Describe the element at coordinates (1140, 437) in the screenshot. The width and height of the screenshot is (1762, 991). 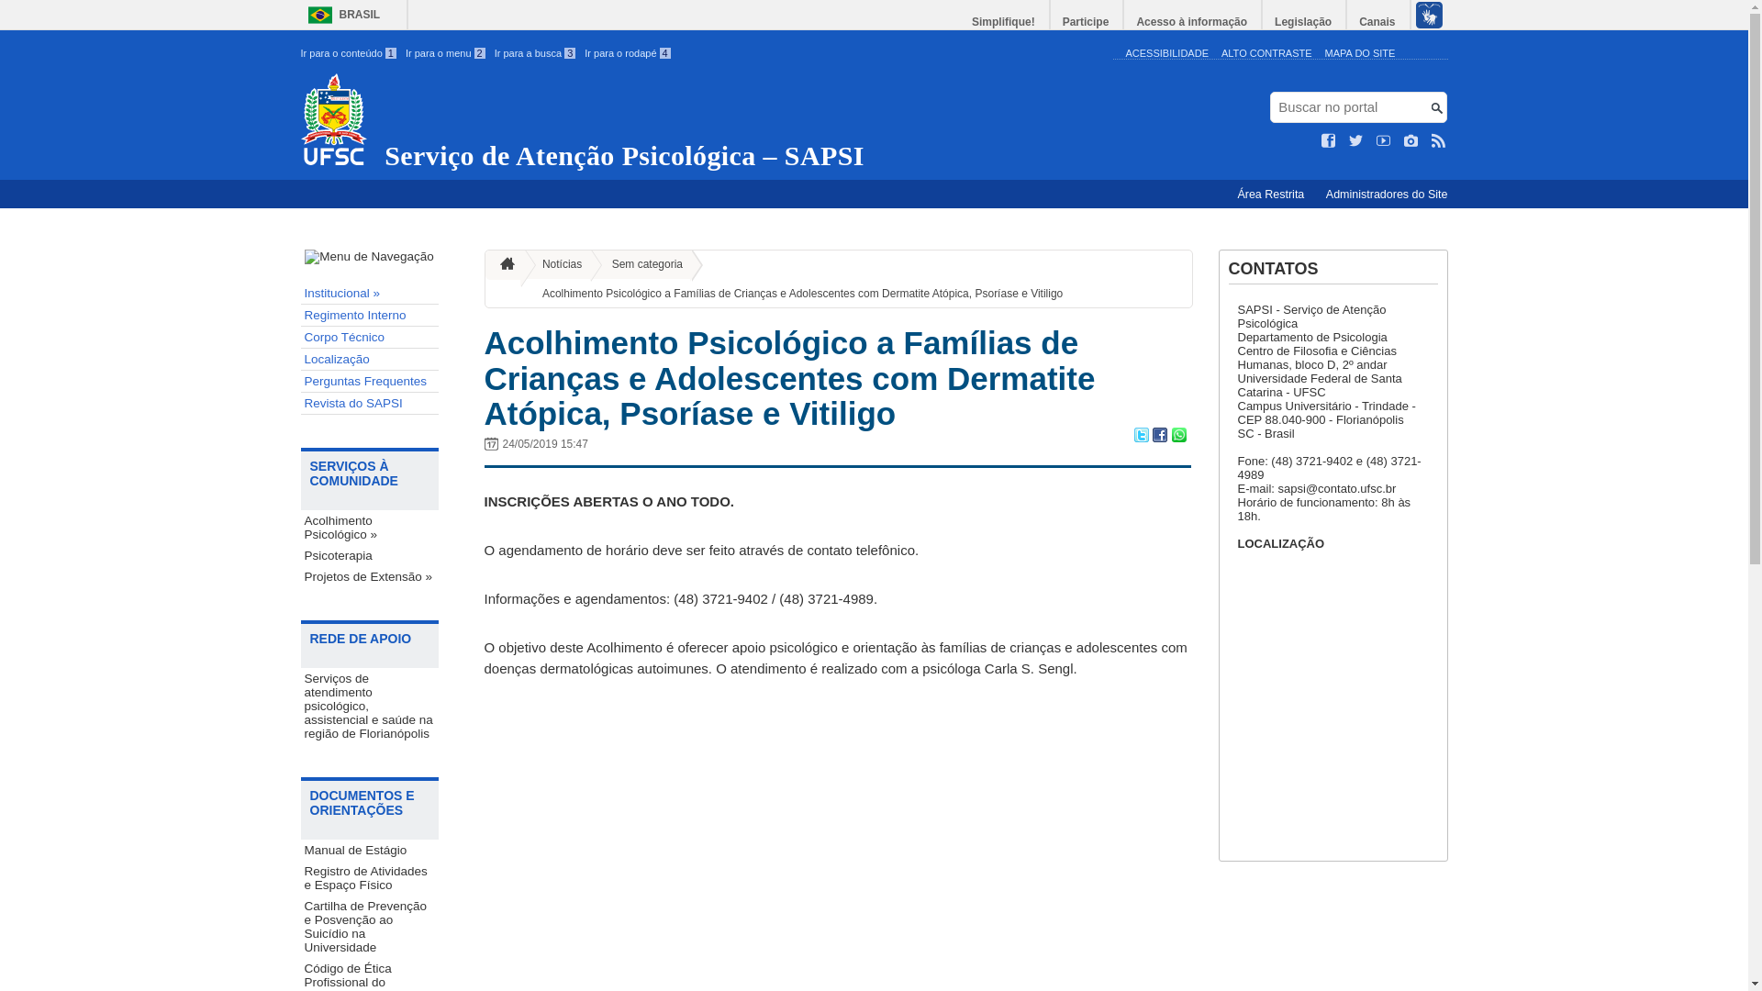
I see `'Compartilhar no Twitter'` at that location.